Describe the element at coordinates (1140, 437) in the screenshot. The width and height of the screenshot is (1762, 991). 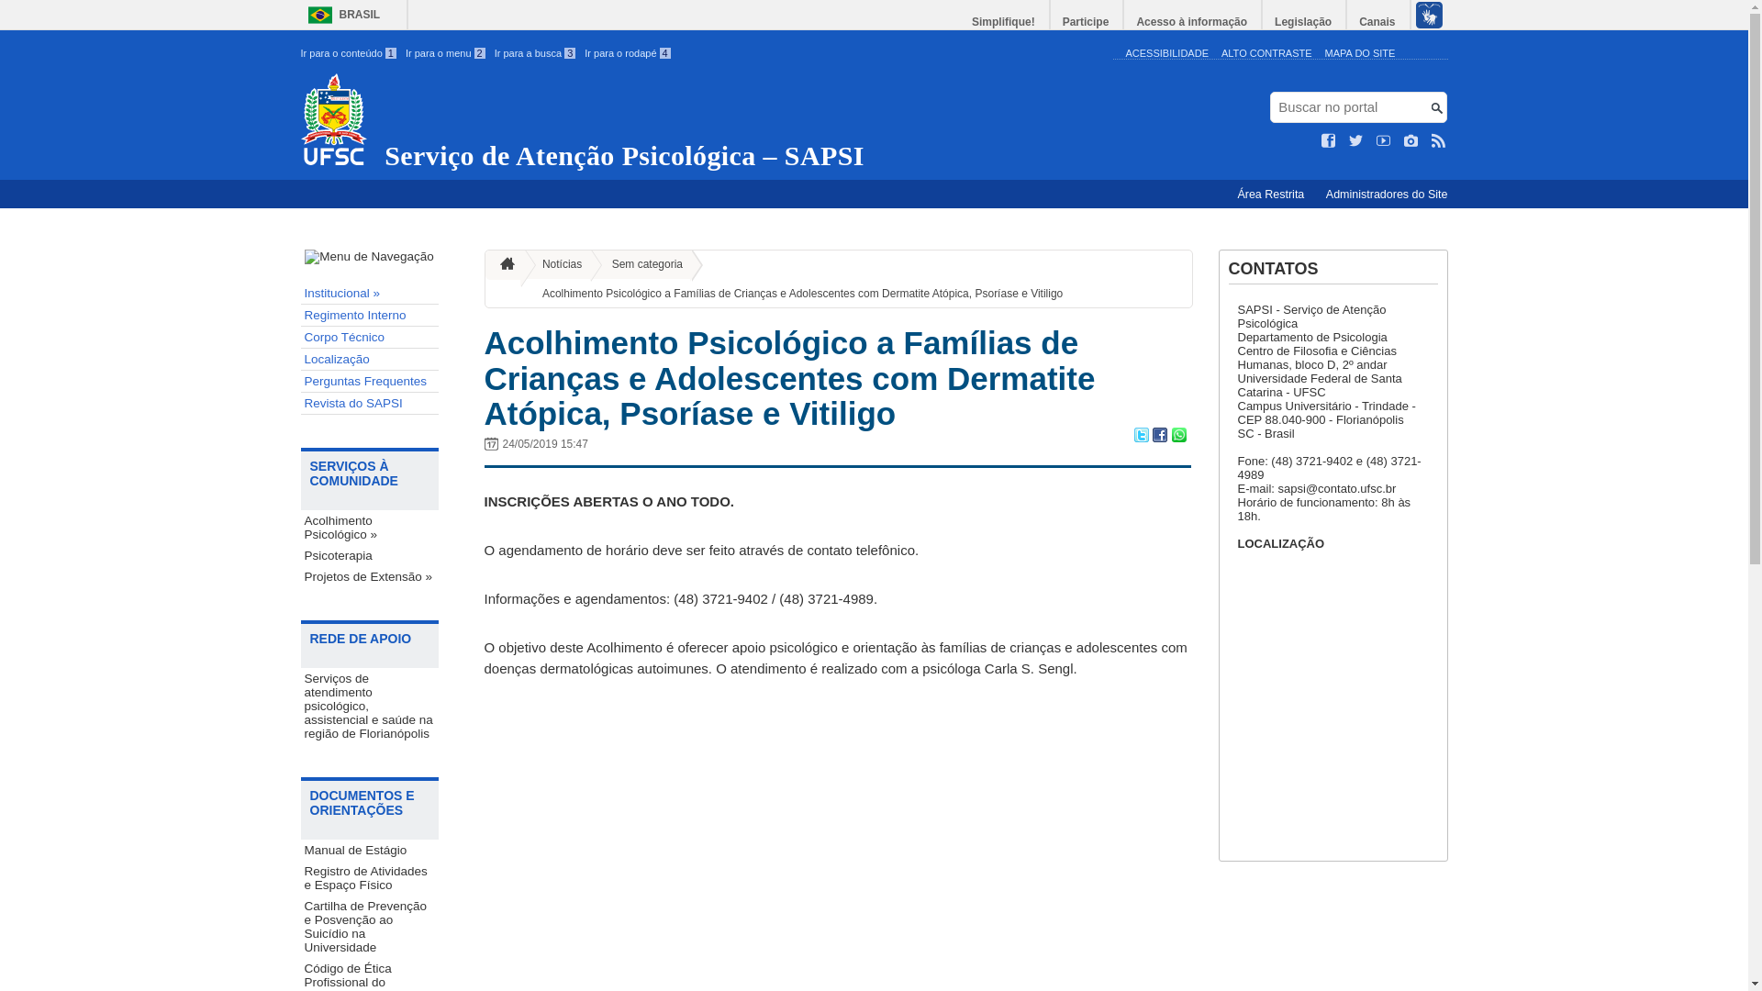
I see `'Compartilhar no Twitter'` at that location.